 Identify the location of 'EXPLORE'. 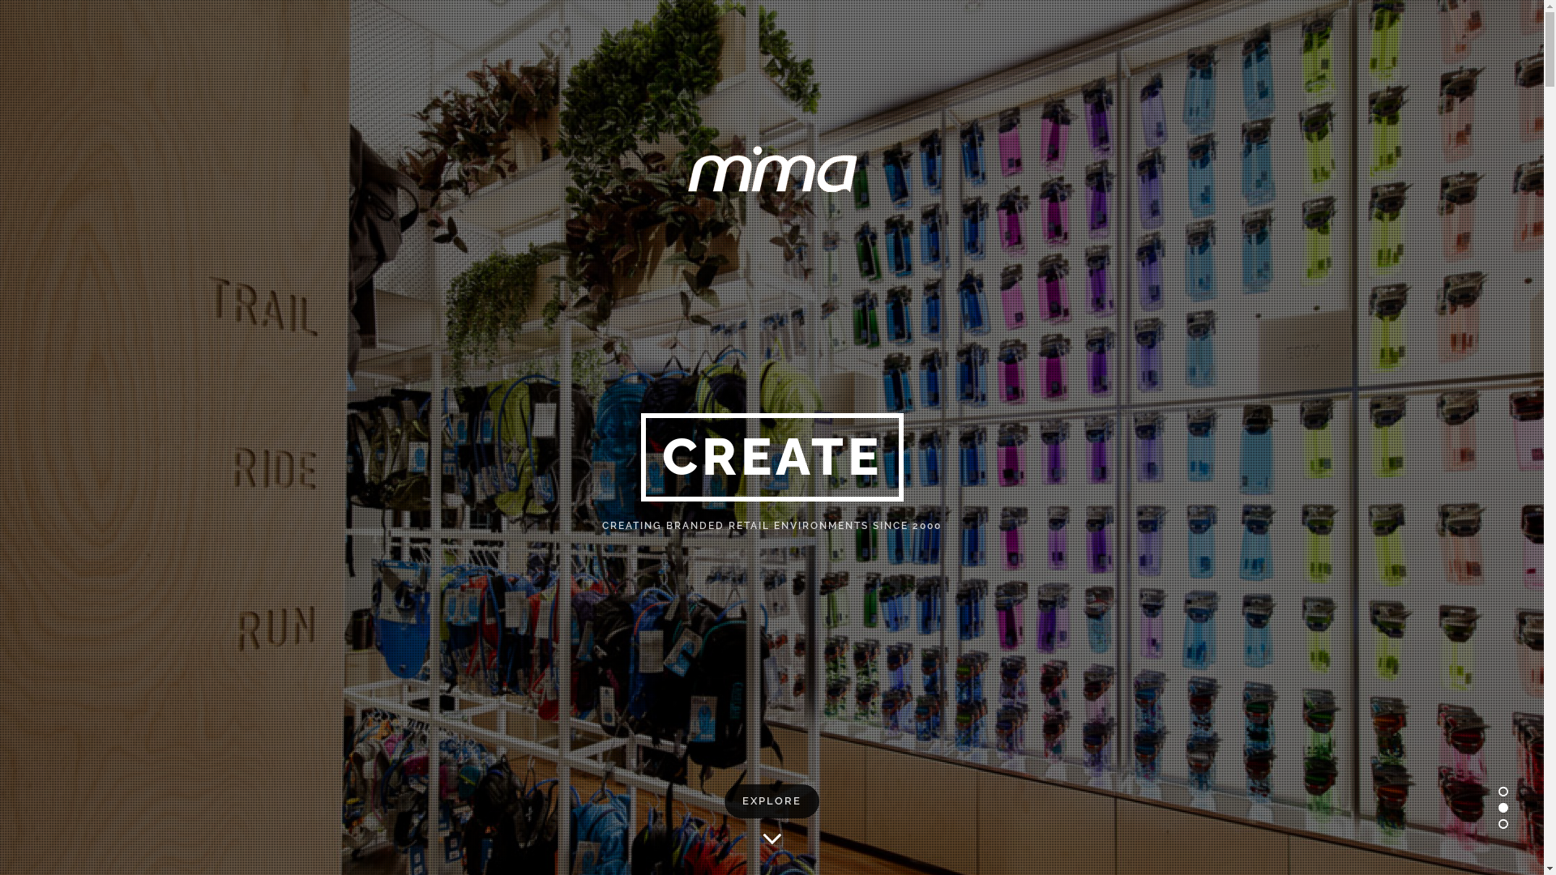
(771, 800).